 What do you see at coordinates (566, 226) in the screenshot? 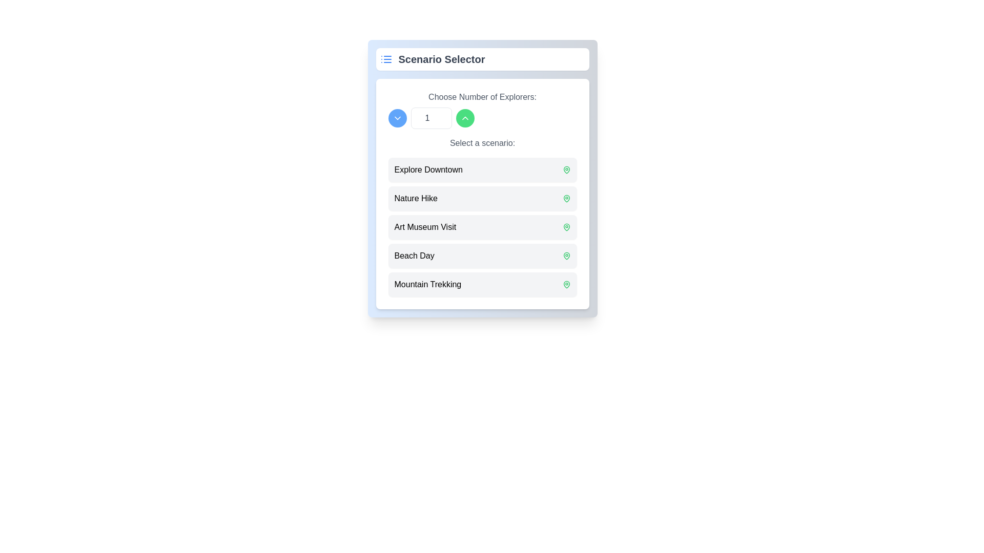
I see `the SVG icon of a map pin, which is styled with a green color and located next to the 'Art Museum Visit' text in the scenario list` at bounding box center [566, 226].